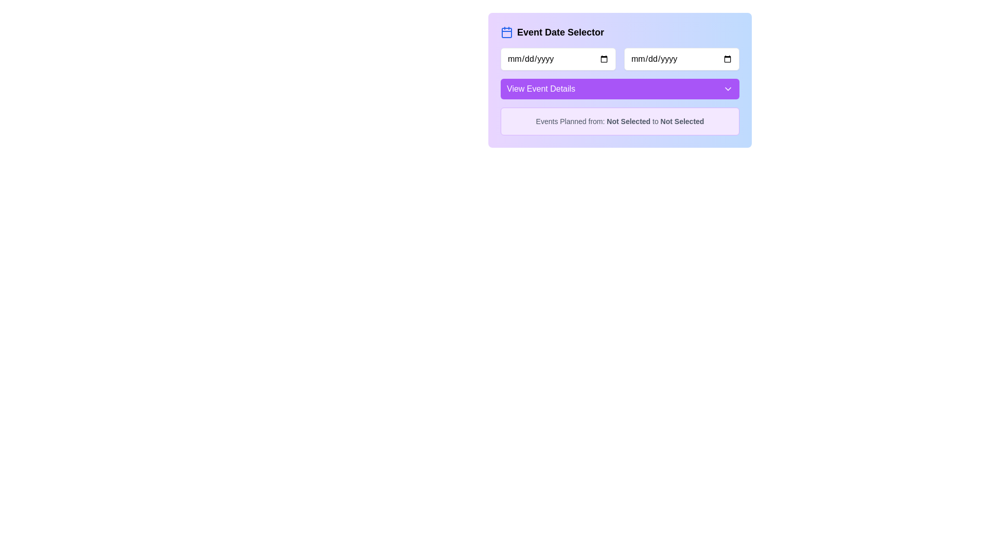  I want to click on the date input field in the 'Event Date Selector' section, so click(681, 59).